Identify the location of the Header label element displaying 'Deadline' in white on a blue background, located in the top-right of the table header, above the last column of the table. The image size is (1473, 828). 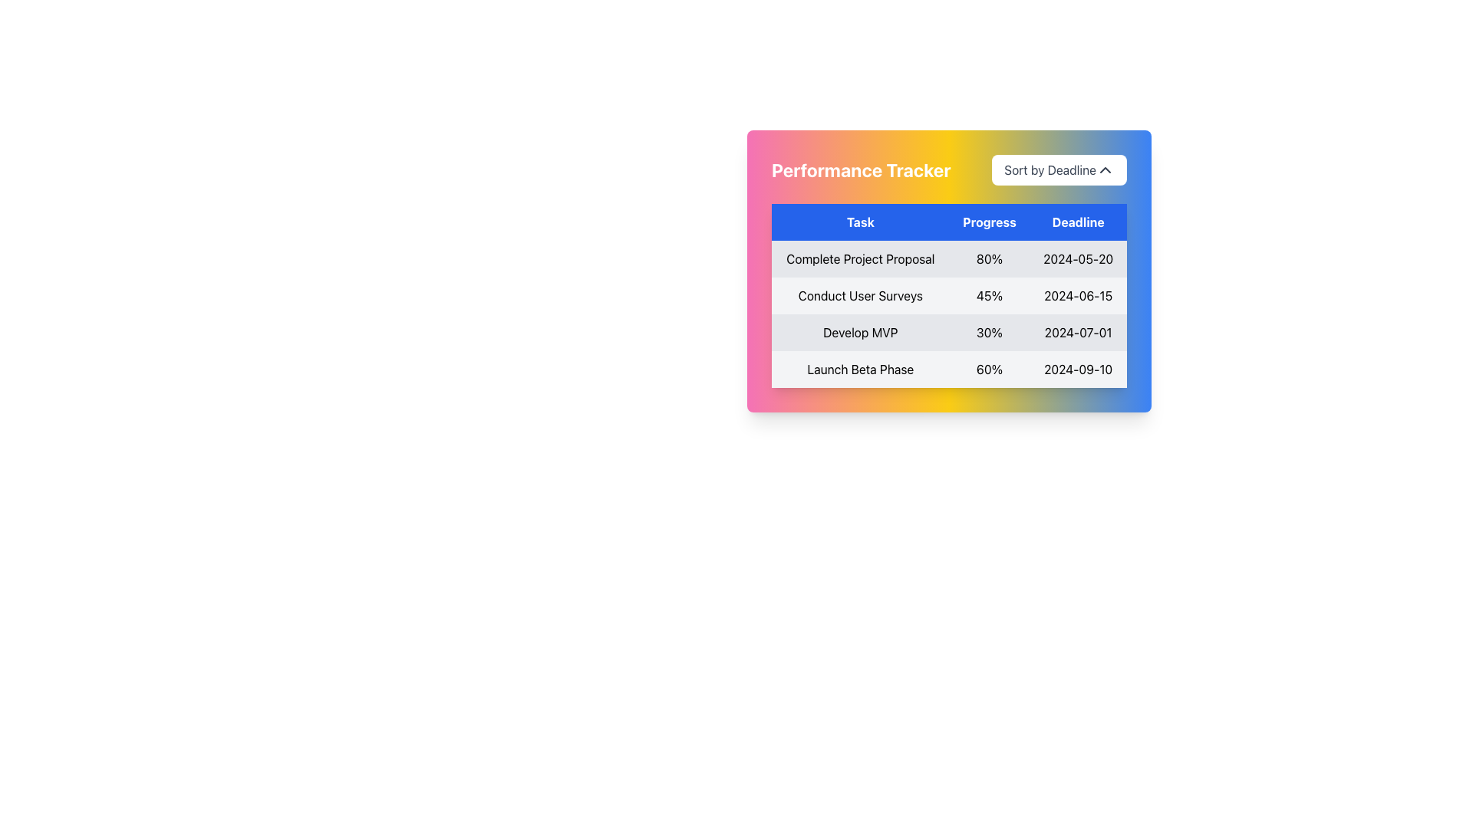
(1077, 222).